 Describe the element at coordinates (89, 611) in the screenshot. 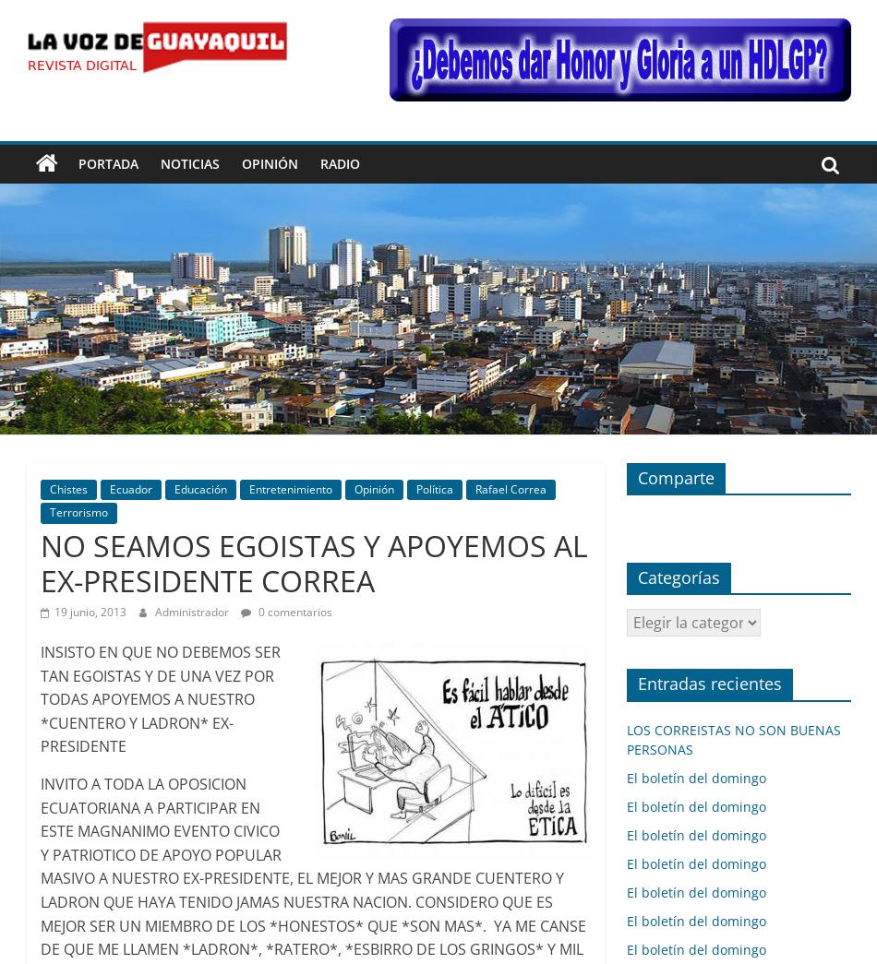

I see `'19 junio, 2013'` at that location.